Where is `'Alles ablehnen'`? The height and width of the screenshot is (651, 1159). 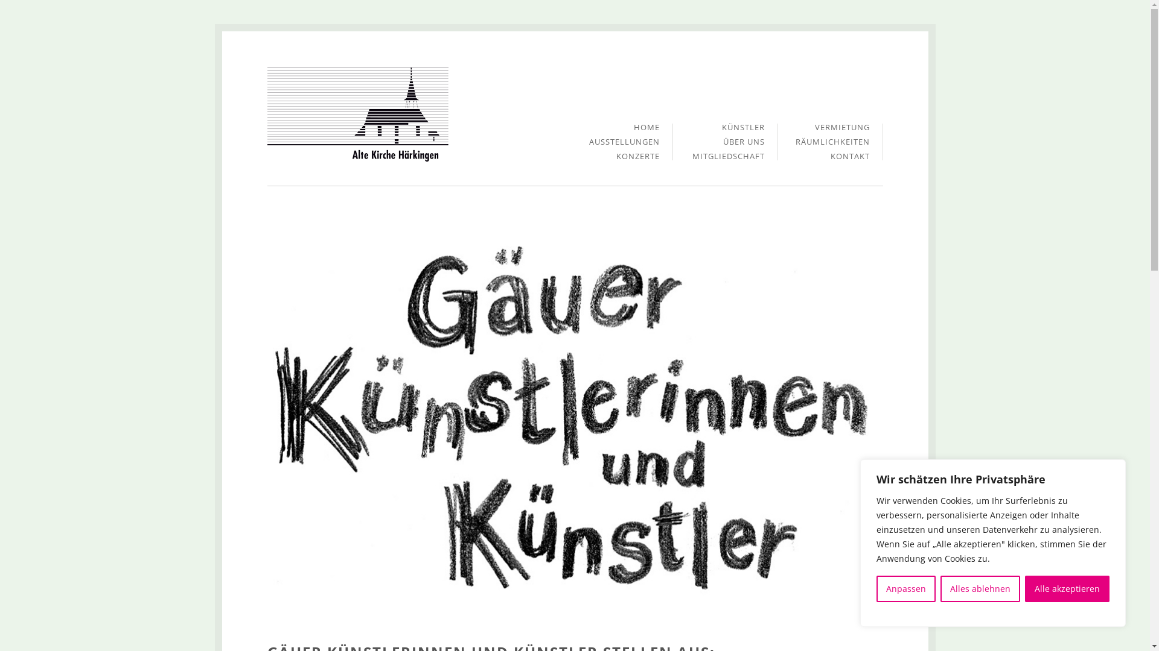 'Alles ablehnen' is located at coordinates (980, 588).